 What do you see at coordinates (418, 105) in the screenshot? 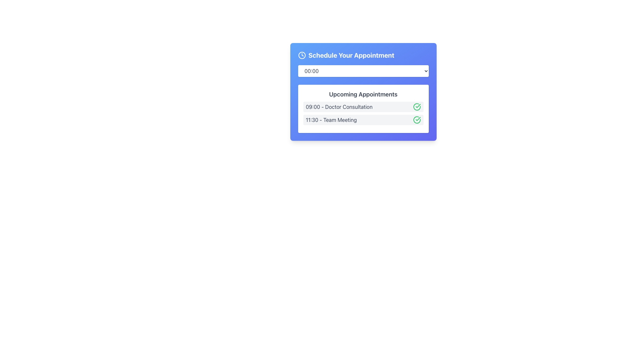
I see `the green checkmark icon associated with the '11:30 - Team Meeting' entry in the appointments section` at bounding box center [418, 105].